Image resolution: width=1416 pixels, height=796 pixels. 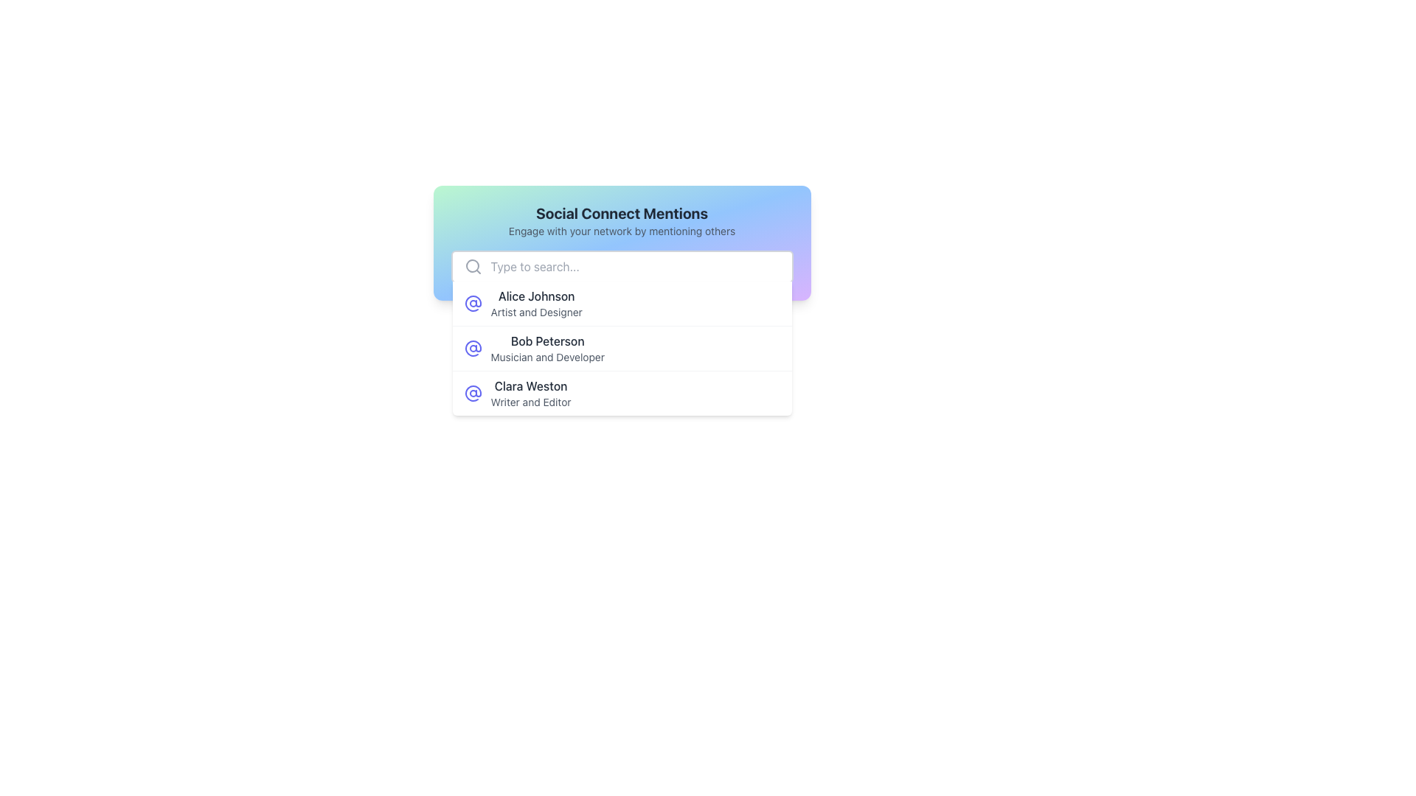 What do you see at coordinates (546, 357) in the screenshot?
I see `the text label that describes the role or attributes of 'Bob Peterson,' located directly below the name in the dropdown interface` at bounding box center [546, 357].